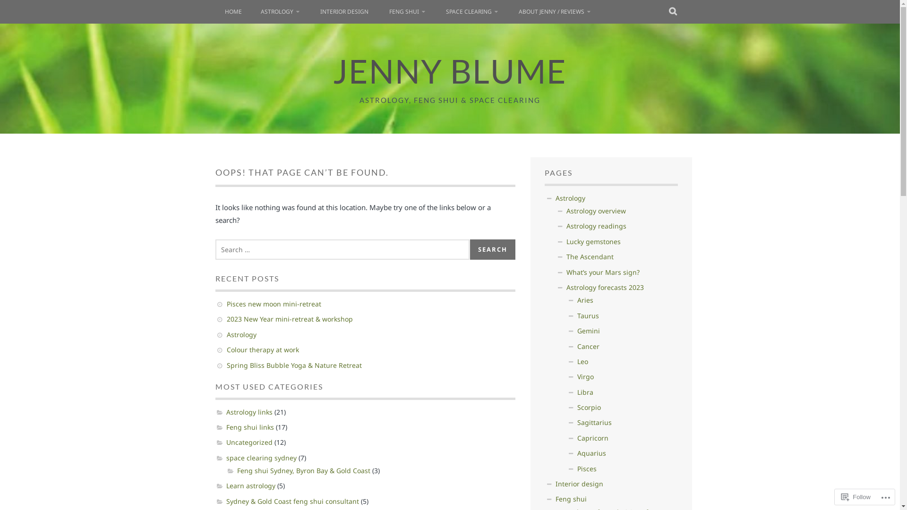 This screenshot has height=510, width=907. What do you see at coordinates (261, 457) in the screenshot?
I see `'space clearing sydney'` at bounding box center [261, 457].